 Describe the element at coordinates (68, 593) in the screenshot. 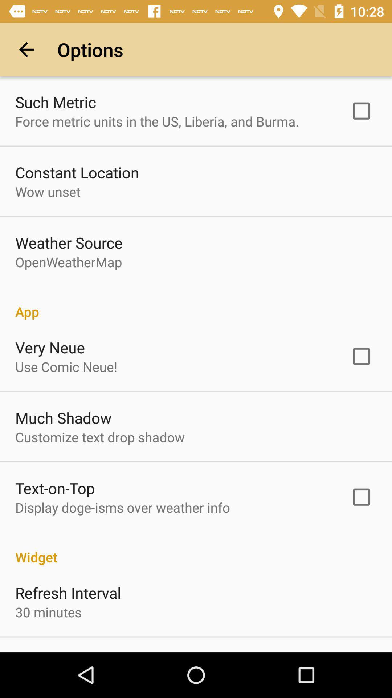

I see `icon below the widget app` at that location.